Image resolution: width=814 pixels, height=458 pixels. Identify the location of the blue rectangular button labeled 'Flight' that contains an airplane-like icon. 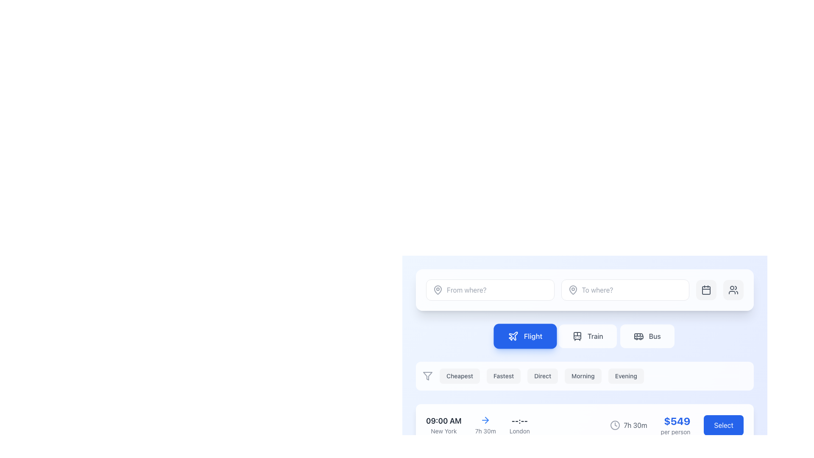
(513, 335).